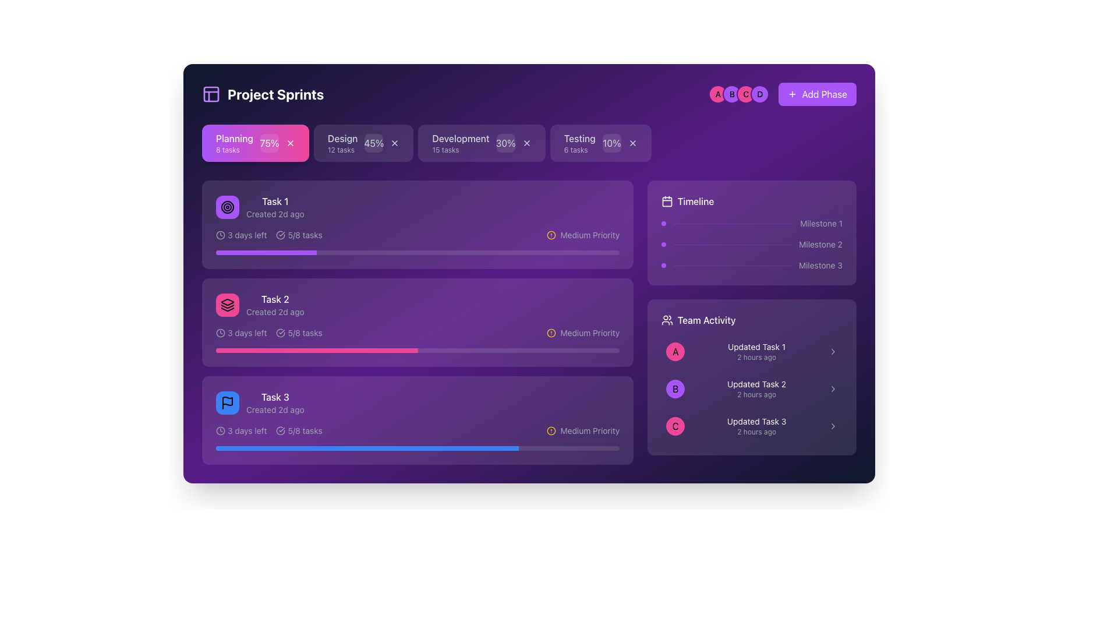  I want to click on the time-related icon that precedes the '3 days left' label in the information section of Task 3, so click(221, 431).